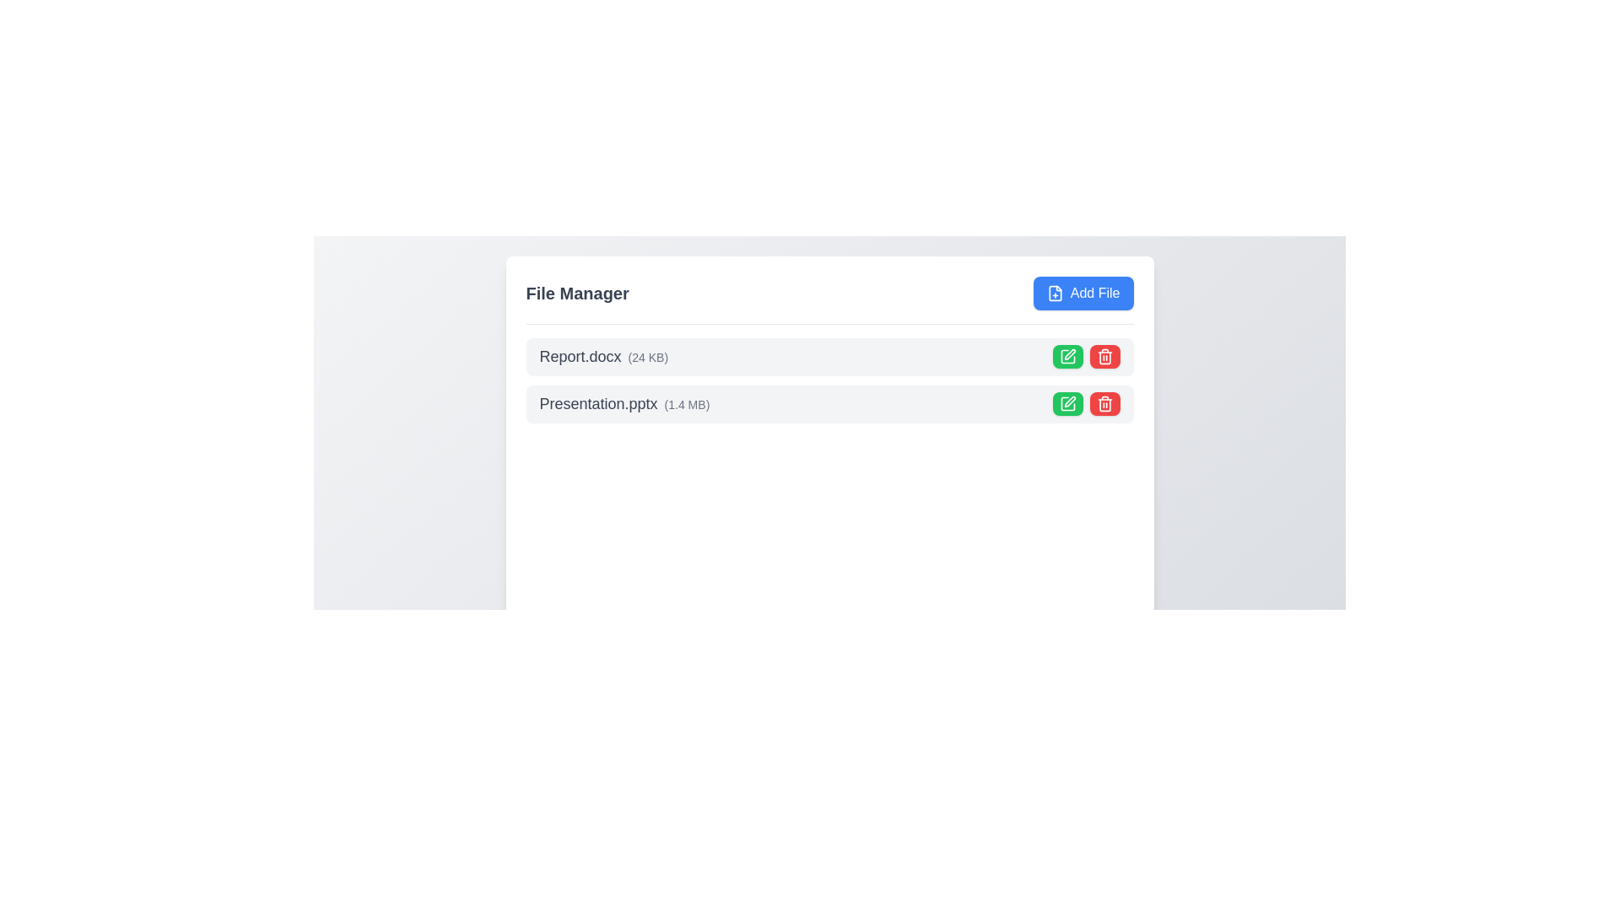  I want to click on the 'Add File' button icon, which resembles a file with a plus symbol, located at the top-right corner of the interface, so click(1054, 292).